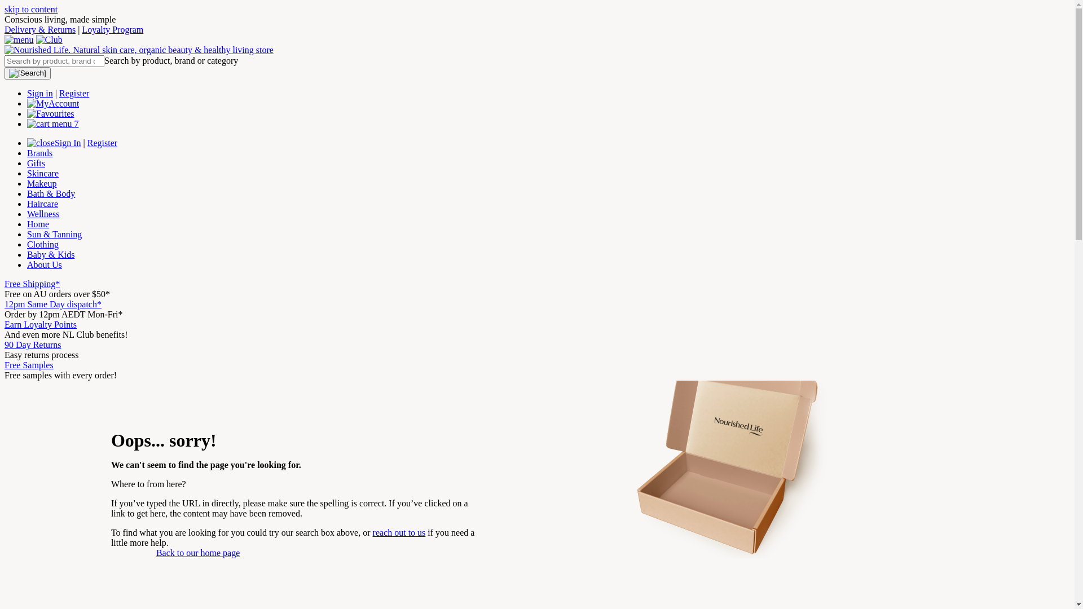 This screenshot has width=1083, height=609. Describe the element at coordinates (5, 283) in the screenshot. I see `'Free Shipping*'` at that location.